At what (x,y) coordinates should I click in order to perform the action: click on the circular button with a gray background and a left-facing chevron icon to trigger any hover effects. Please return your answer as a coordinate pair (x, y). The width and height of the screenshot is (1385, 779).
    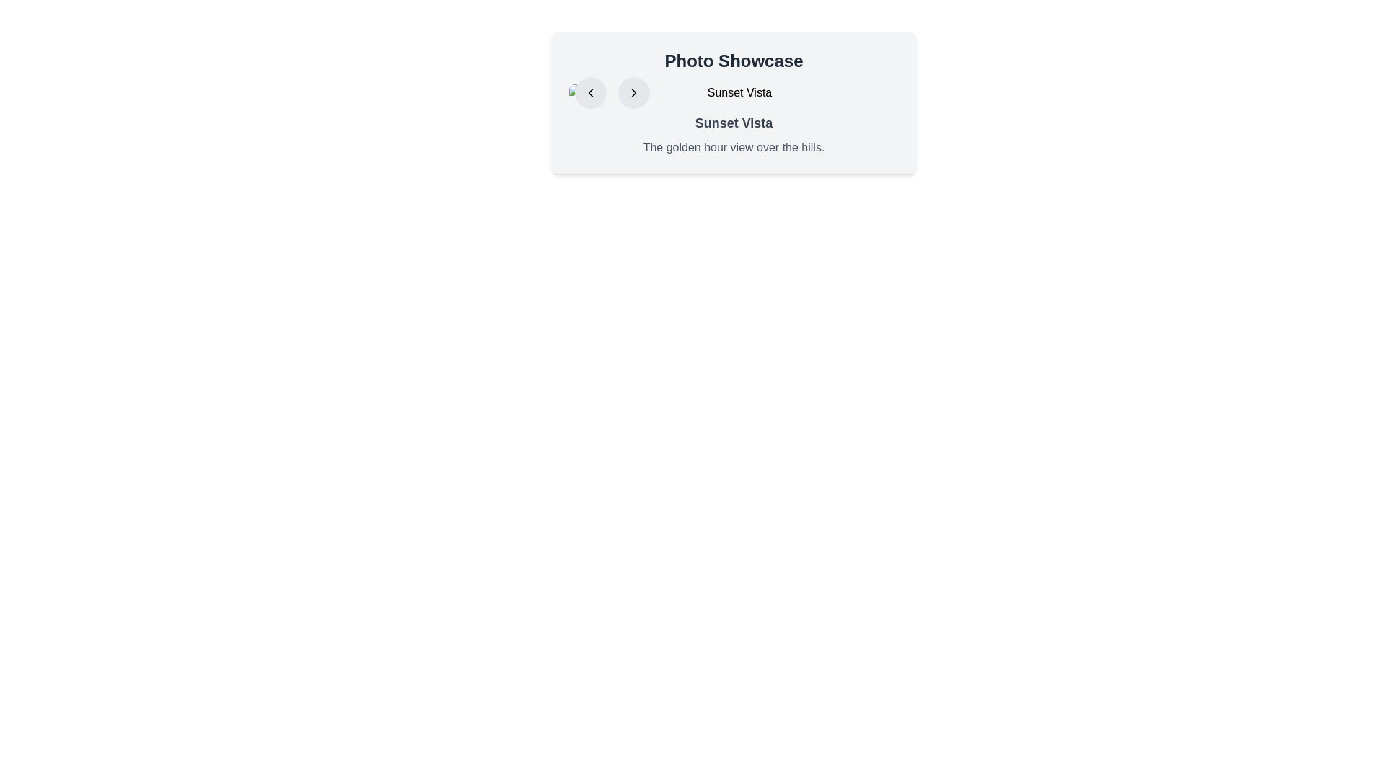
    Looking at the image, I should click on (591, 92).